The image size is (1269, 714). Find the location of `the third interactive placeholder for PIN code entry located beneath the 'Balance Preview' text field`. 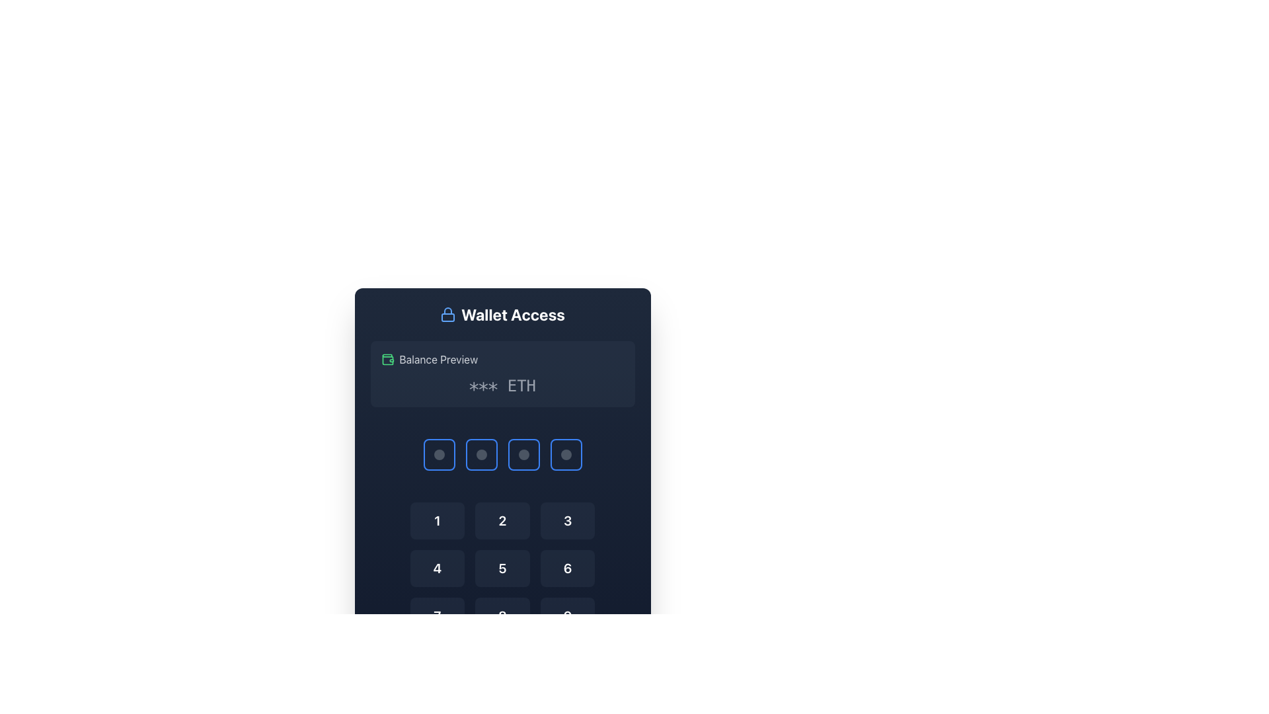

the third interactive placeholder for PIN code entry located beneath the 'Balance Preview' text field is located at coordinates (523, 454).